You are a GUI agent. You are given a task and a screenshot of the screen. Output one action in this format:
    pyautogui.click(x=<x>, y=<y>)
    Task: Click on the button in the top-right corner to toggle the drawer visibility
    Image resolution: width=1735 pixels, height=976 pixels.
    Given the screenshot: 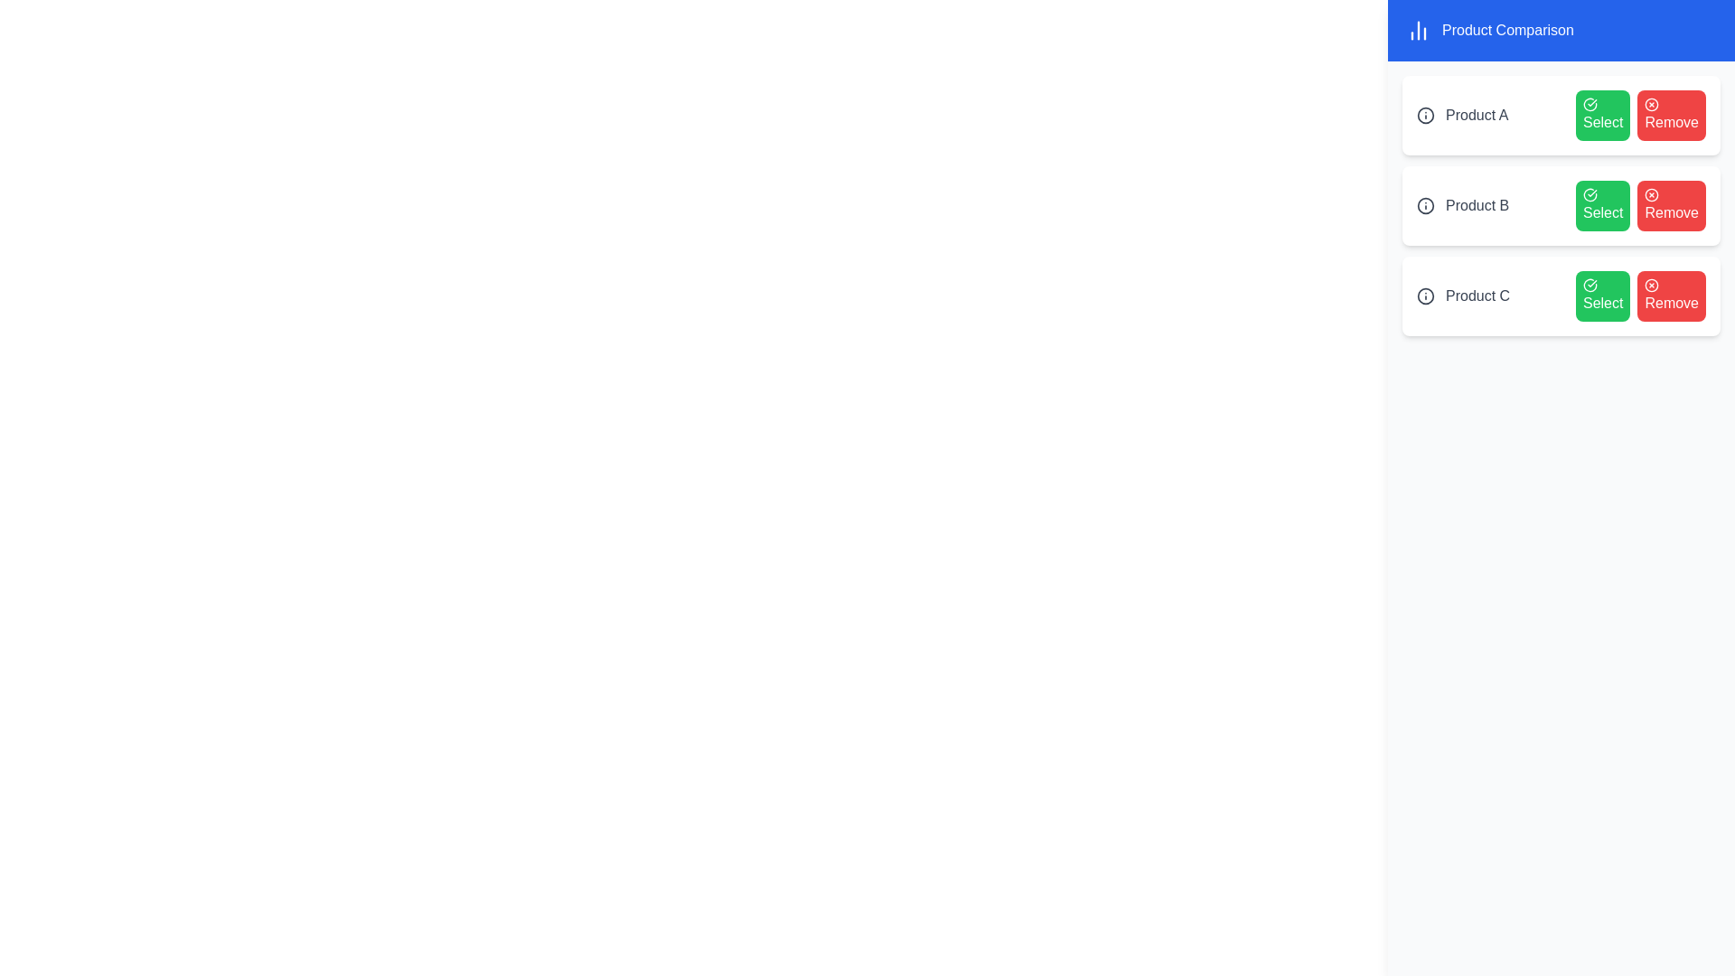 What is the action you would take?
    pyautogui.click(x=1674, y=48)
    